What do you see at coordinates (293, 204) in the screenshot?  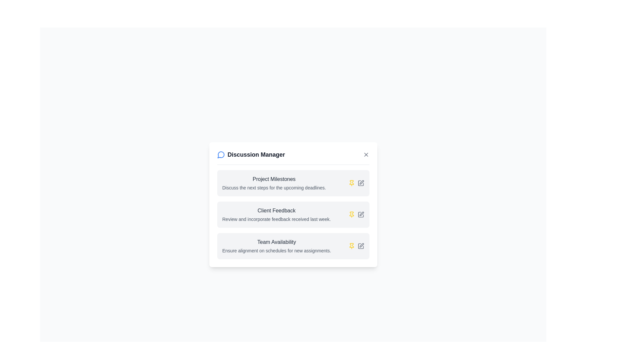 I see `the 'Client Feedback' Information card` at bounding box center [293, 204].